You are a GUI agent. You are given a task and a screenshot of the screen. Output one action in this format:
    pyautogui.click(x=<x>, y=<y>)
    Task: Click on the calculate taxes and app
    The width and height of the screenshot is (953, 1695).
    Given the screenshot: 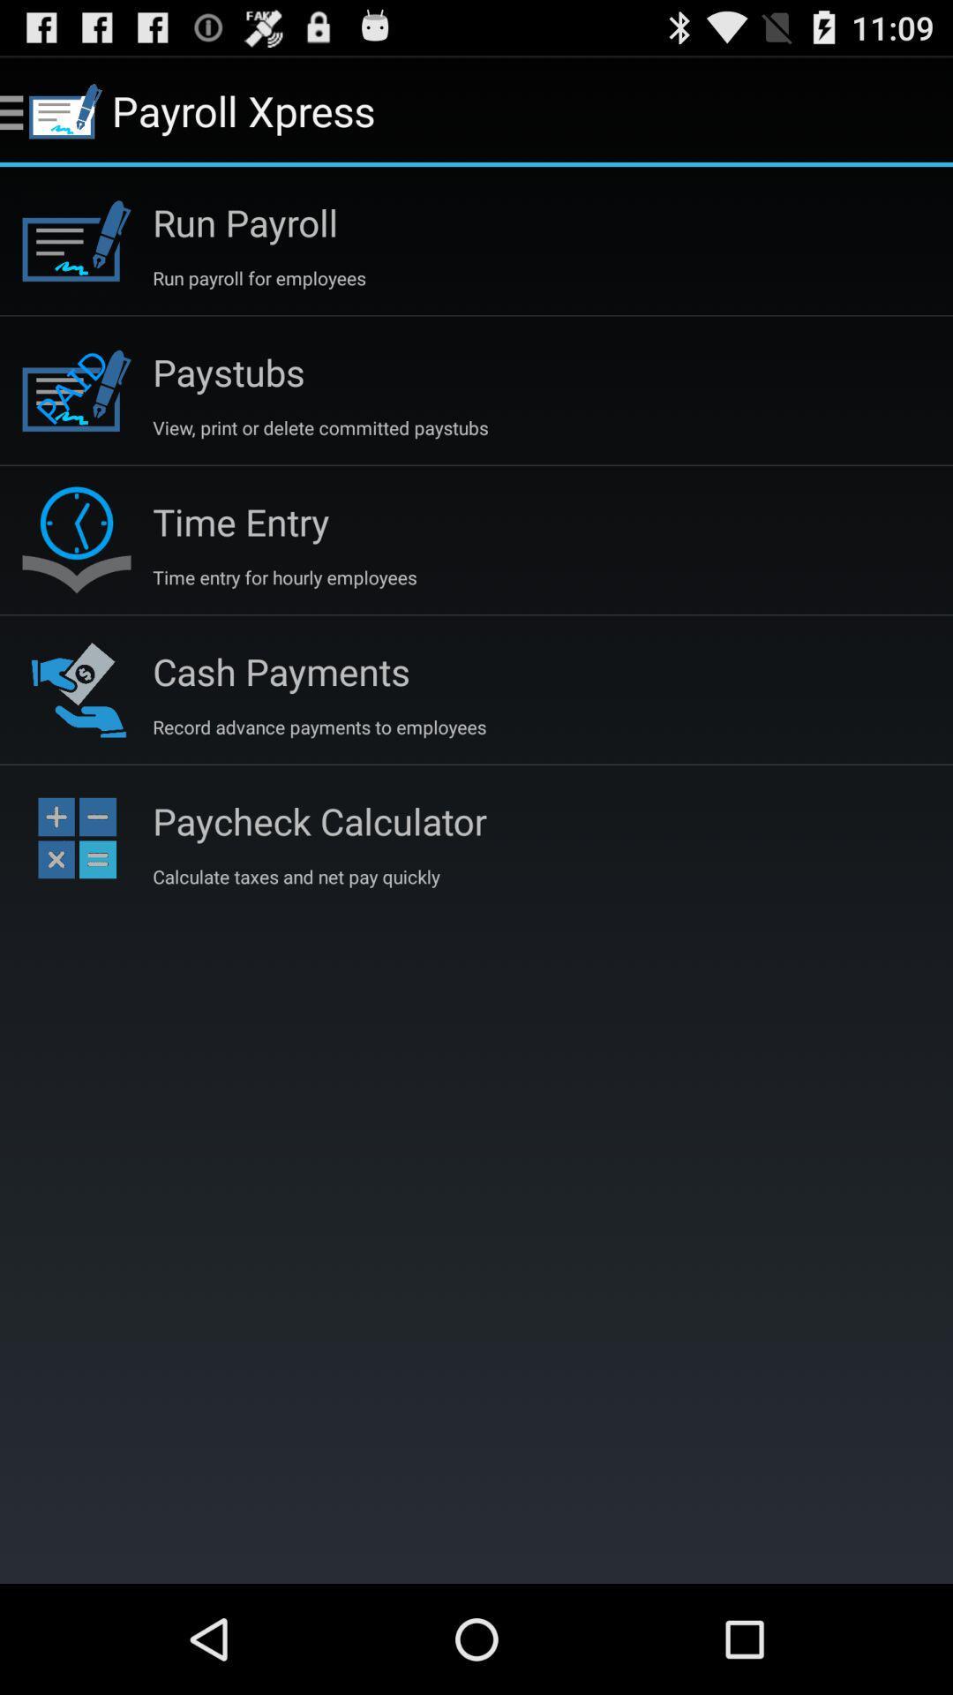 What is the action you would take?
    pyautogui.click(x=295, y=877)
    